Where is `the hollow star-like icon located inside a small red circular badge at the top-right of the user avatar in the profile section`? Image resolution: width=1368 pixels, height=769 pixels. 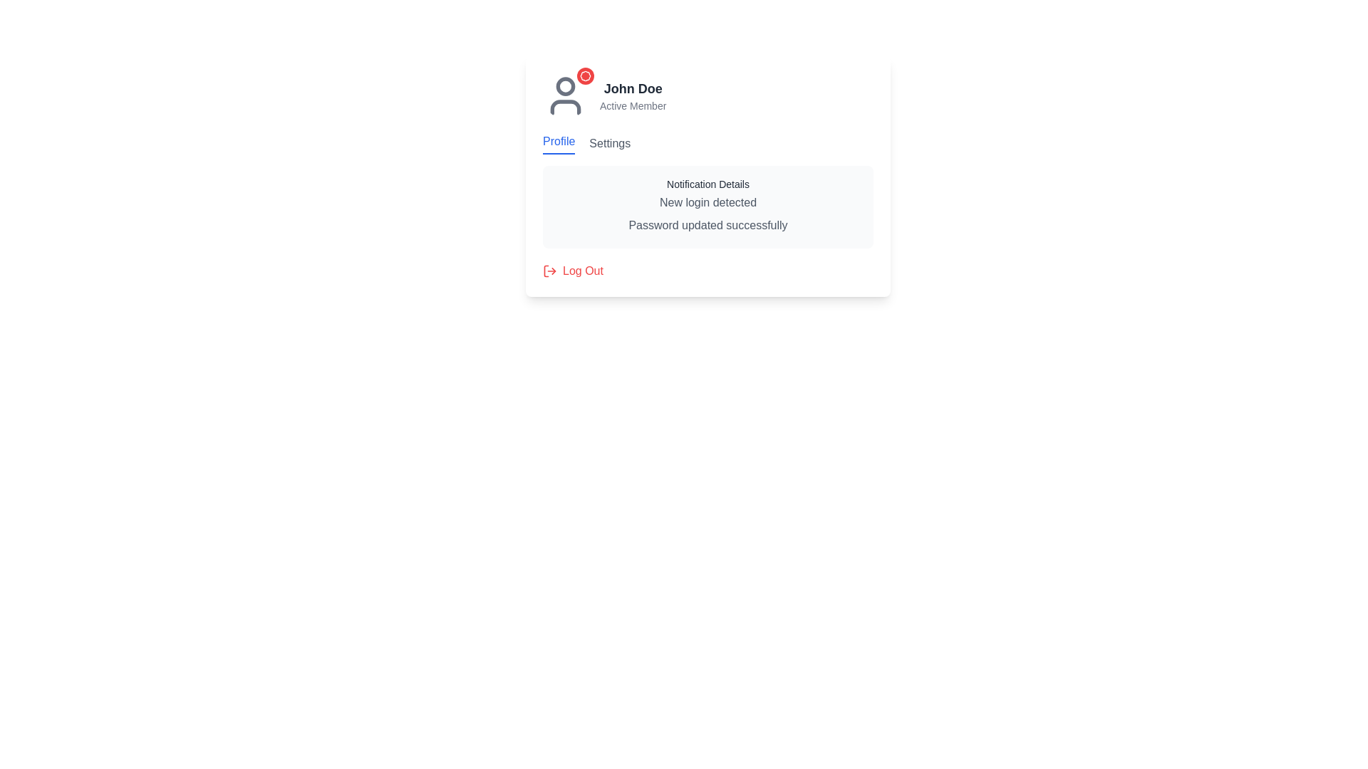
the hollow star-like icon located inside a small red circular badge at the top-right of the user avatar in the profile section is located at coordinates (585, 76).